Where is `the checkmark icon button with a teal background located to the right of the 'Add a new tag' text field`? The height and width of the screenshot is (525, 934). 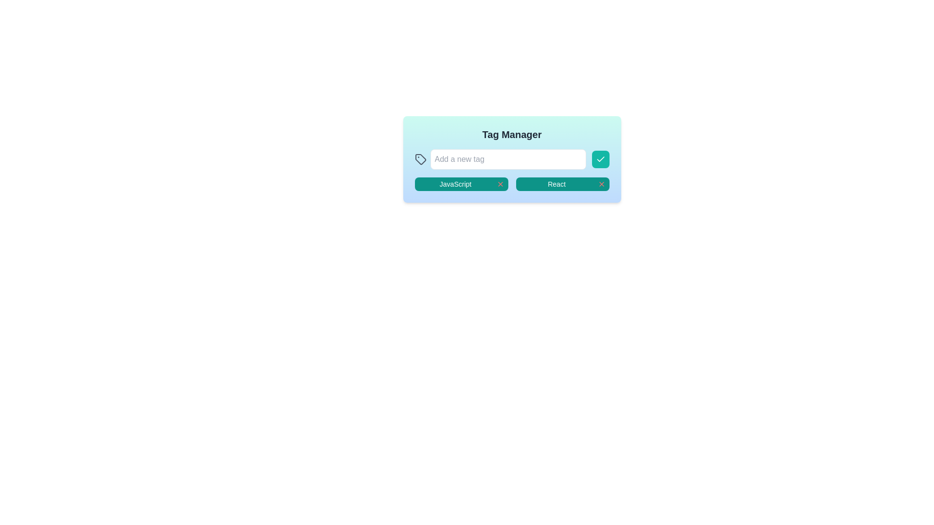 the checkmark icon button with a teal background located to the right of the 'Add a new tag' text field is located at coordinates (600, 158).